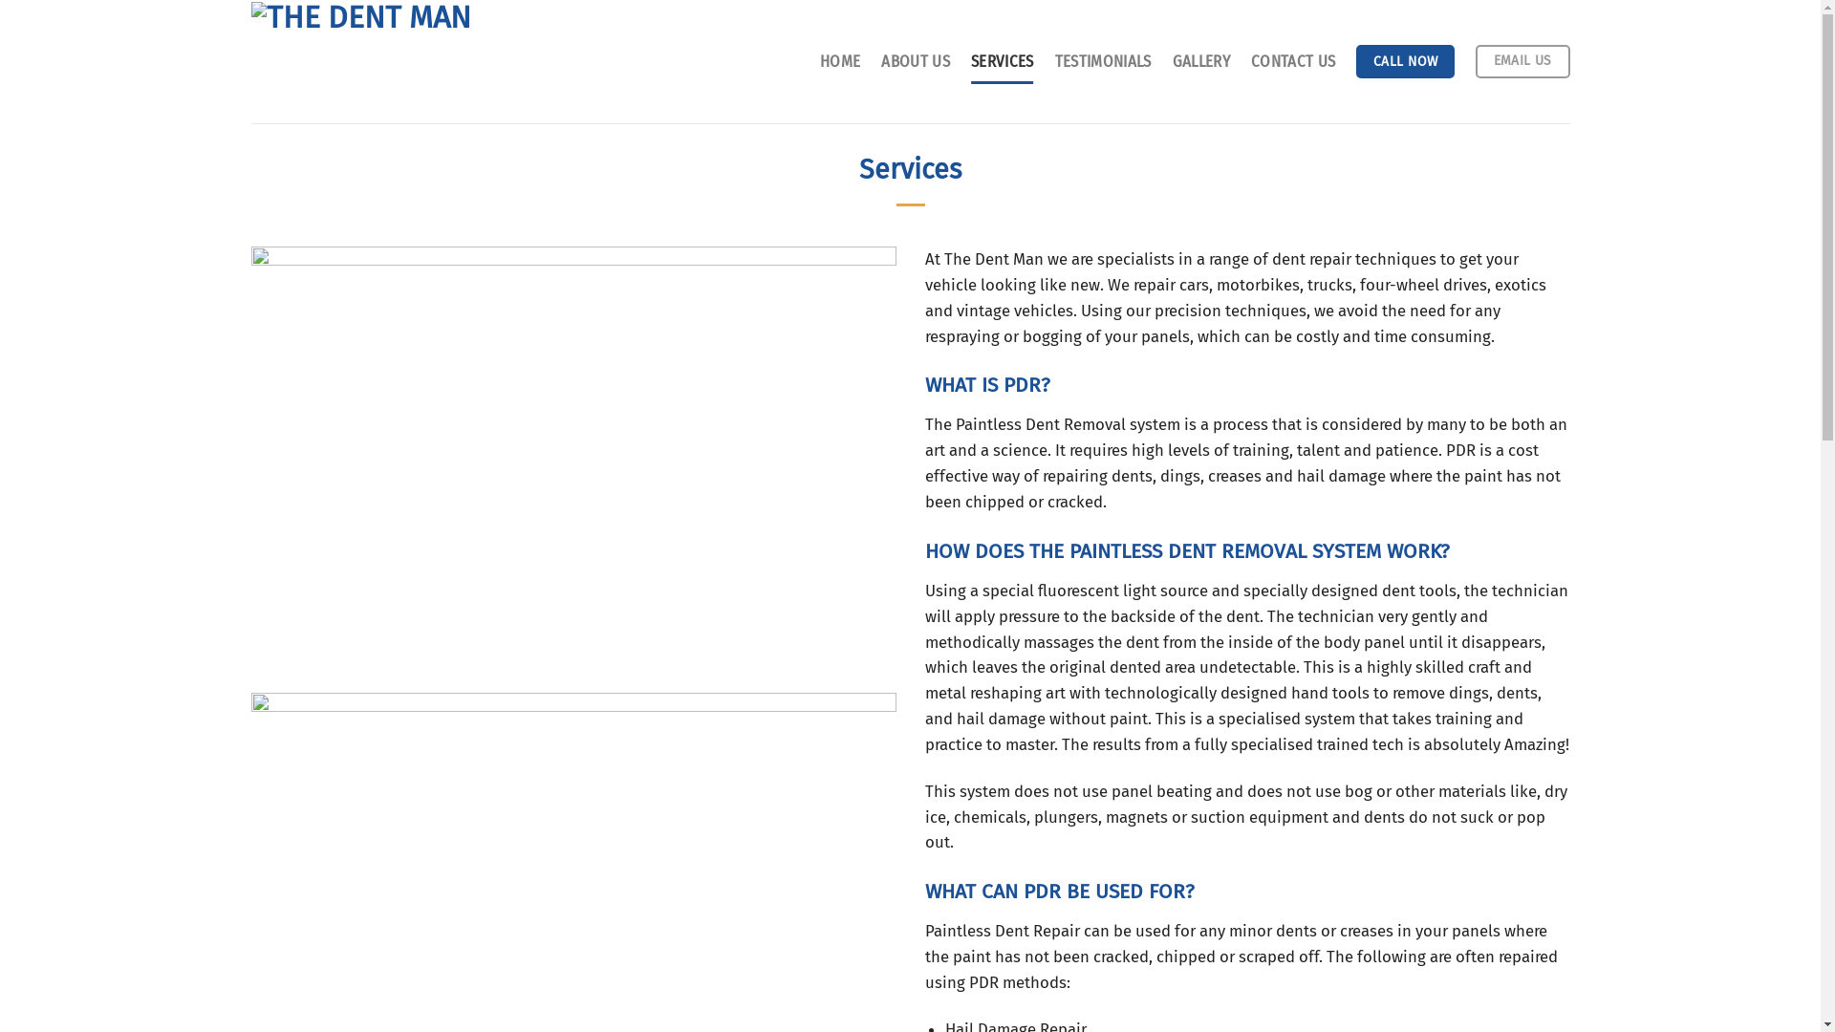 The image size is (1835, 1032). I want to click on 'CONTACT US', so click(1293, 60).